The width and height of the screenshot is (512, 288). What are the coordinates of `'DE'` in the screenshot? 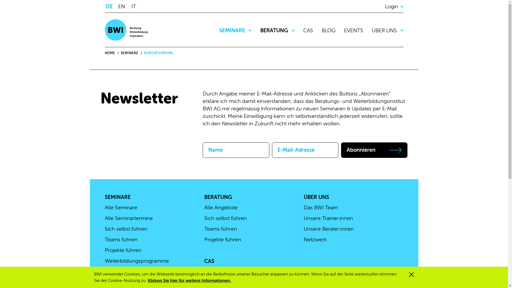 It's located at (110, 6).